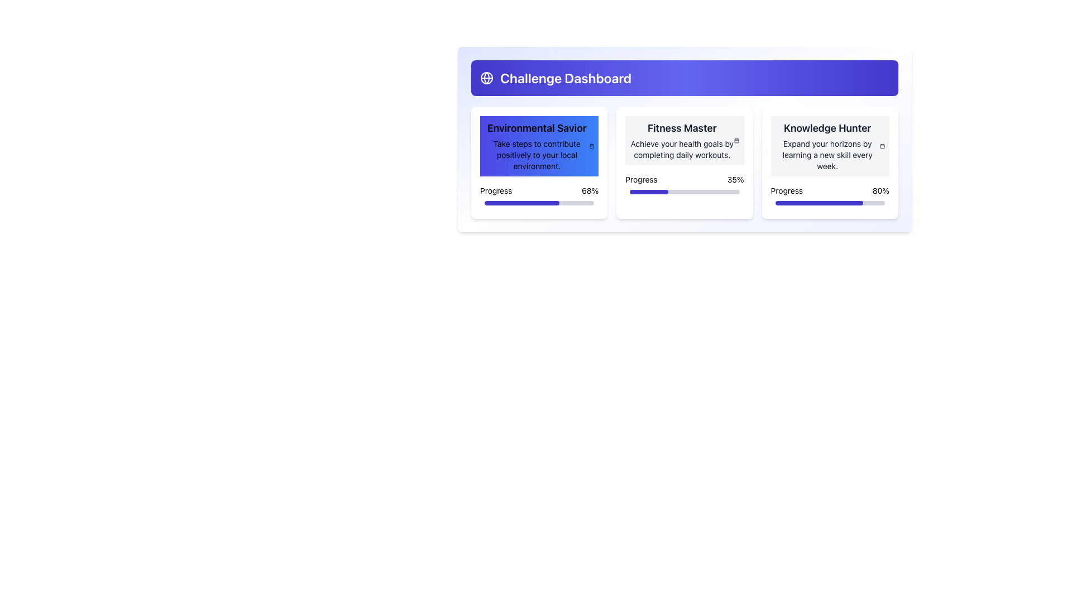  What do you see at coordinates (539, 163) in the screenshot?
I see `title and details of the first card in the grid layout, which serves as a progress tracker for environmental goals` at bounding box center [539, 163].